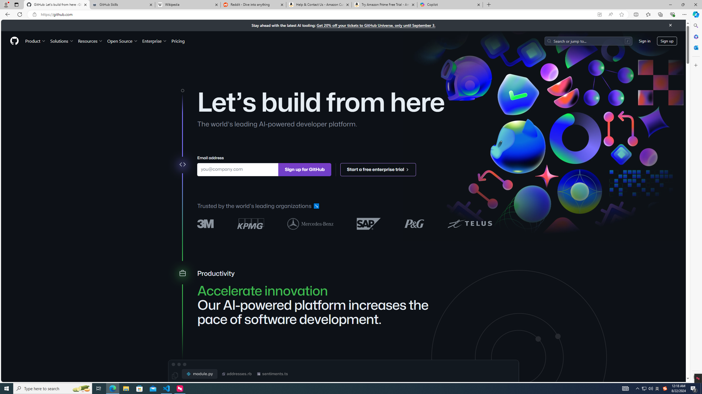 Image resolution: width=702 pixels, height=394 pixels. What do you see at coordinates (695, 14) in the screenshot?
I see `'Copilot (Ctrl+Shift+.)'` at bounding box center [695, 14].